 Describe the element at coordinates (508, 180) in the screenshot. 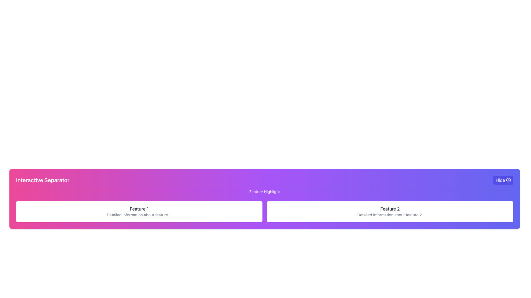

I see `the circular icon with a right-pointing arrow inside it, which is styled as a hollow circle and is located within the 'Hide' button at the top-right corner of the horizontal panel` at that location.